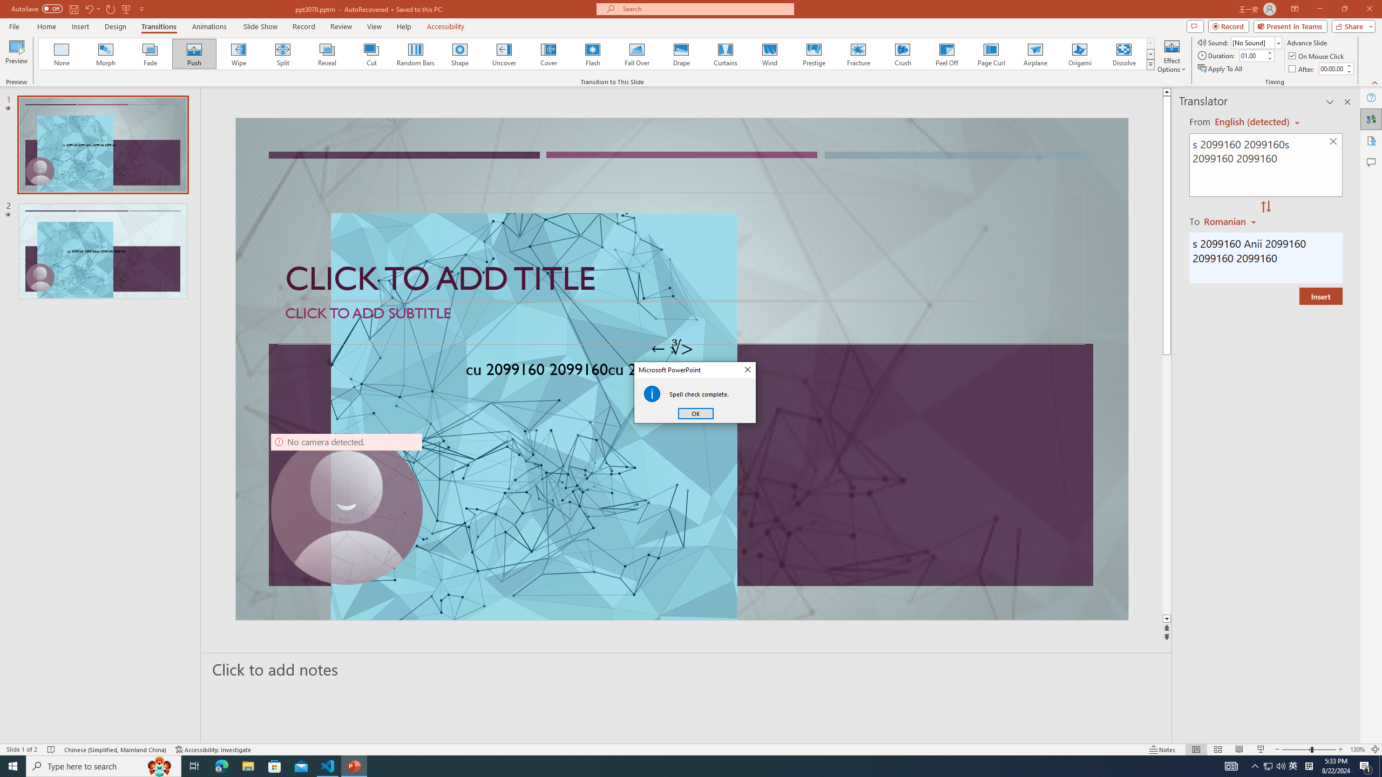 The image size is (1382, 777). I want to click on 'Wind', so click(769, 53).